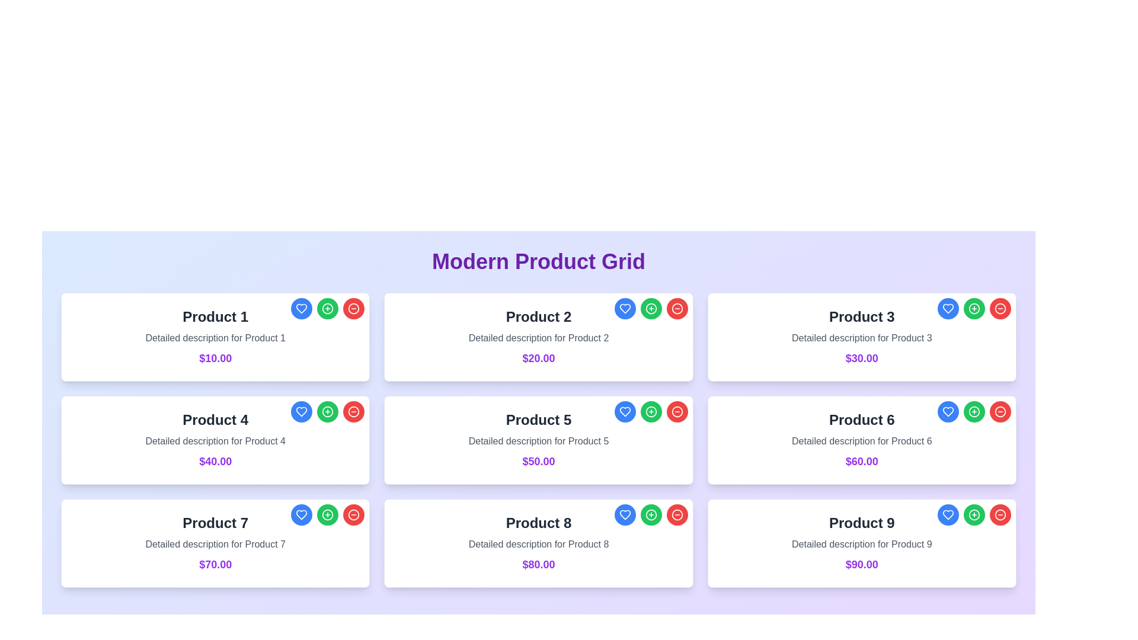  Describe the element at coordinates (215, 338) in the screenshot. I see `text content of the second text element within the first product card, located between the title 'Product 1' and the price '$10.00'` at that location.